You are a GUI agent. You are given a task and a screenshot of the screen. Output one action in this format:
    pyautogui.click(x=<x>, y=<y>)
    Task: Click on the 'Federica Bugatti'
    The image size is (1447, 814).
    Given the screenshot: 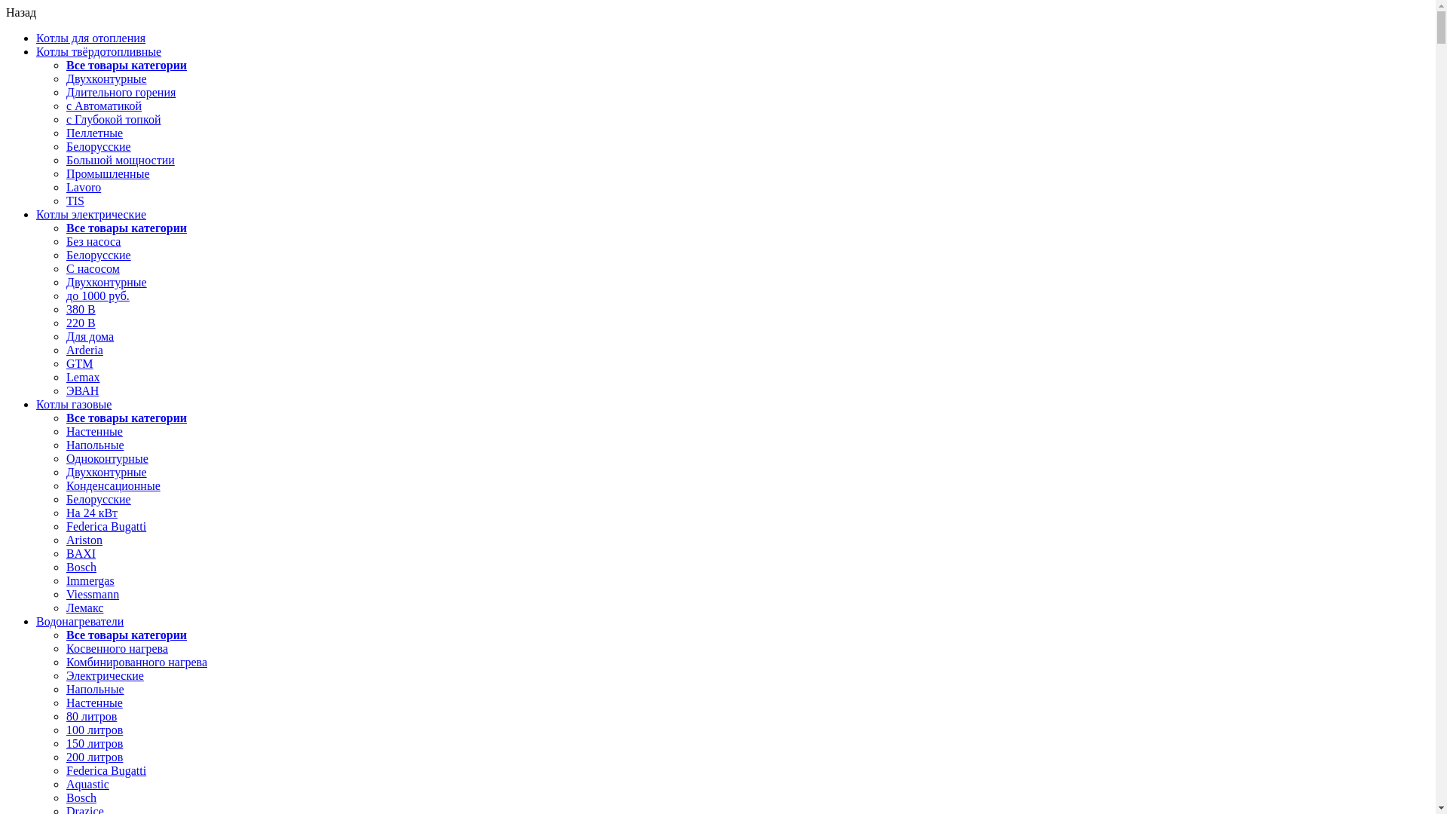 What is the action you would take?
    pyautogui.click(x=105, y=770)
    